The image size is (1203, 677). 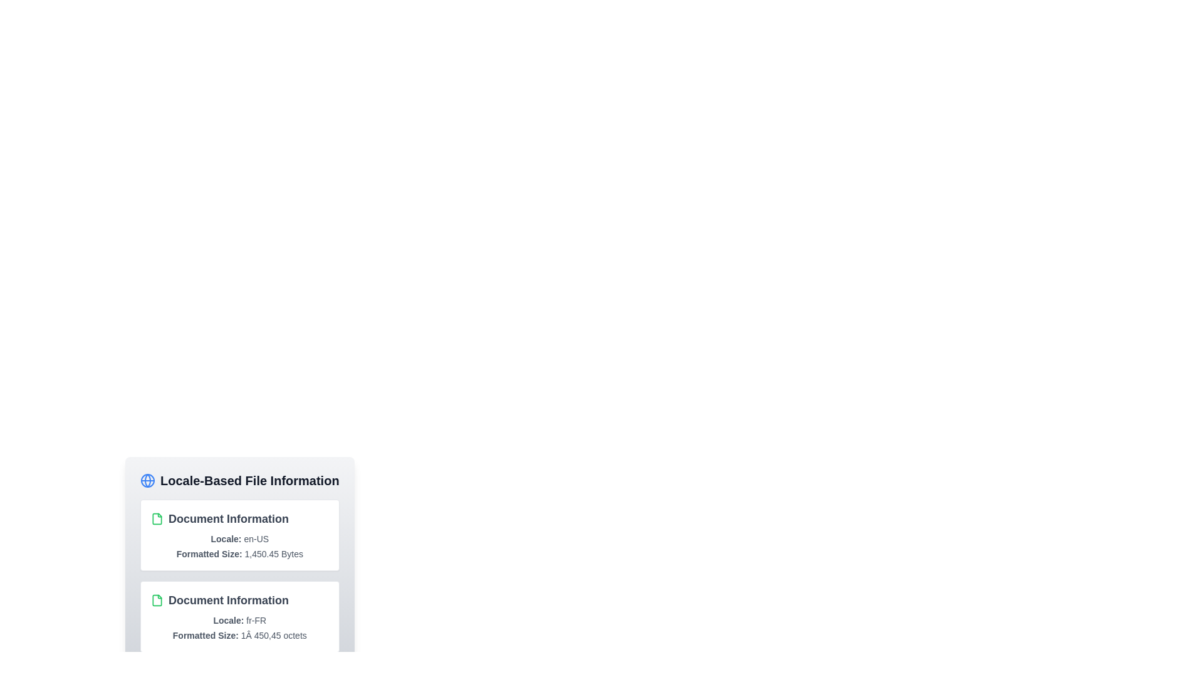 What do you see at coordinates (156, 599) in the screenshot?
I see `the green file icon located in the top left of the second document information block in the Locale-Based File Information section` at bounding box center [156, 599].